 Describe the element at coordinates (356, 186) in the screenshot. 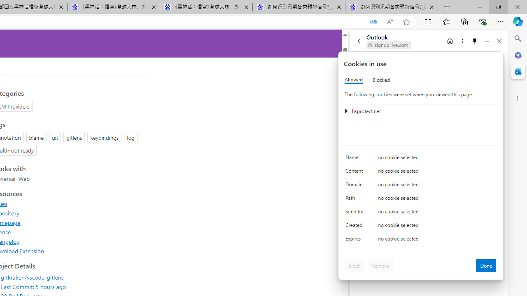

I see `'Domain'` at that location.